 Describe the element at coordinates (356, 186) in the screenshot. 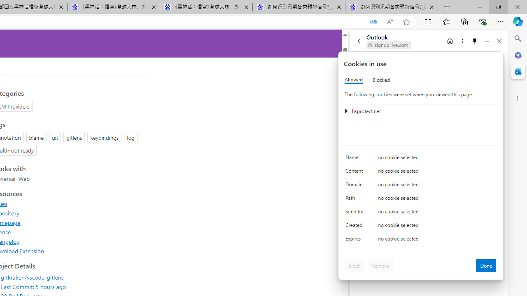

I see `'Domain'` at that location.